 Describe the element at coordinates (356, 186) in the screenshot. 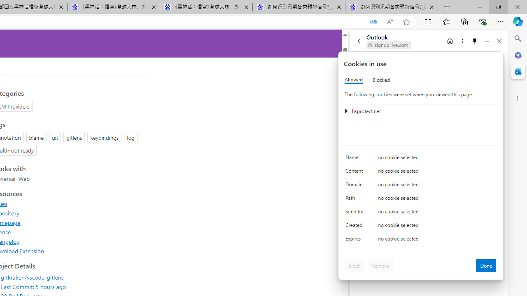

I see `'Domain'` at that location.